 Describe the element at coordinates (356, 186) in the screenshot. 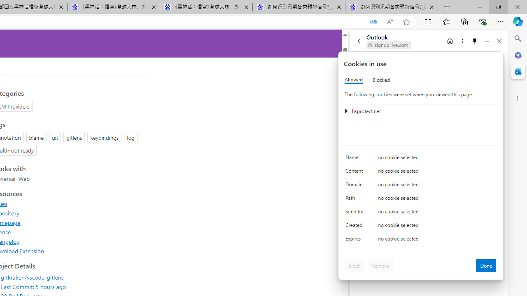

I see `'Domain'` at that location.